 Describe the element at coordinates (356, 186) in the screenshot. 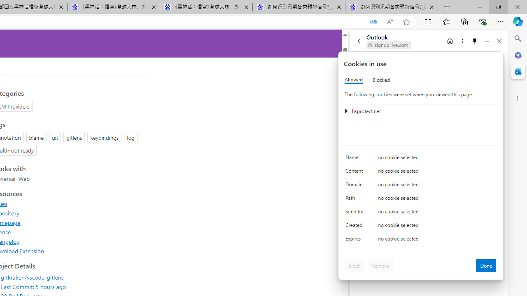

I see `'Domain'` at that location.